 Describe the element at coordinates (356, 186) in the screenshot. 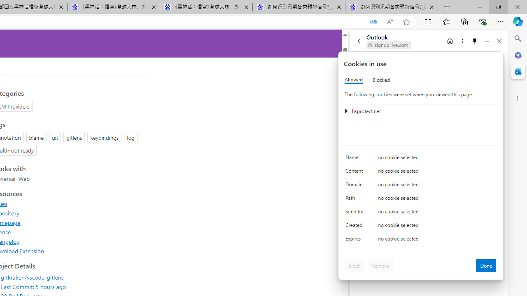

I see `'Domain'` at that location.